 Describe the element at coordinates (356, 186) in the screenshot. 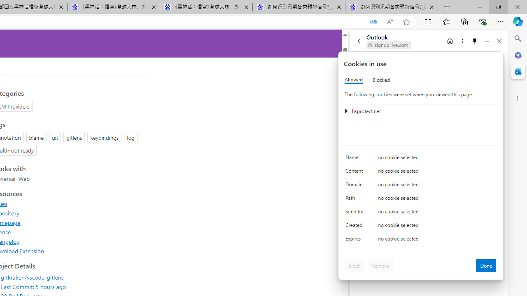

I see `'Domain'` at that location.